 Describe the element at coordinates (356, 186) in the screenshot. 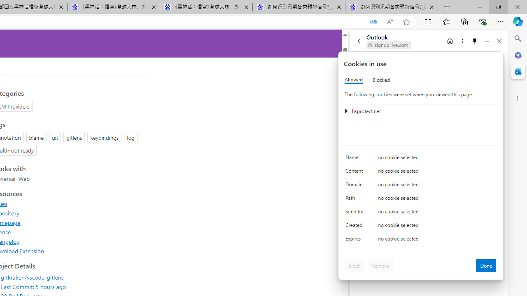

I see `'Domain'` at that location.